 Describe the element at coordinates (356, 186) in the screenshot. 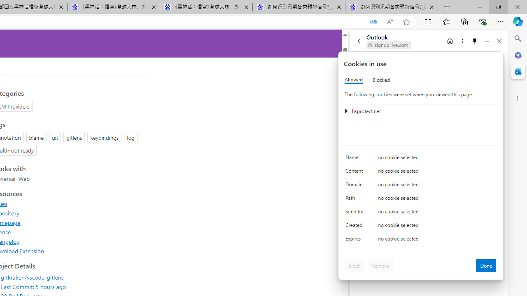

I see `'Domain'` at that location.